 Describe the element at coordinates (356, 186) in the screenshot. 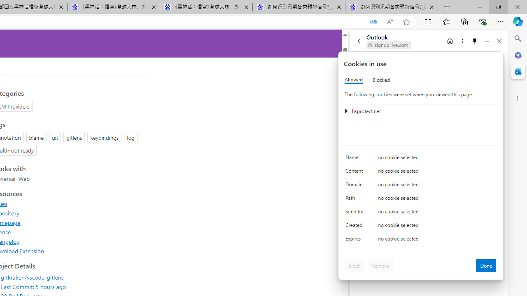

I see `'Domain'` at that location.